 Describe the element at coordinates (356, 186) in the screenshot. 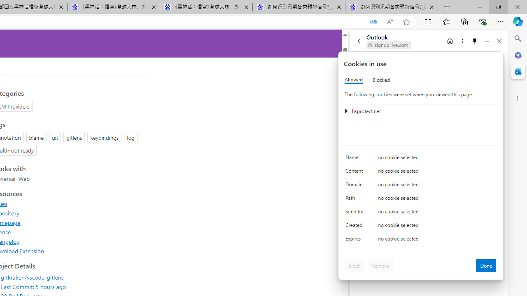

I see `'Domain'` at that location.